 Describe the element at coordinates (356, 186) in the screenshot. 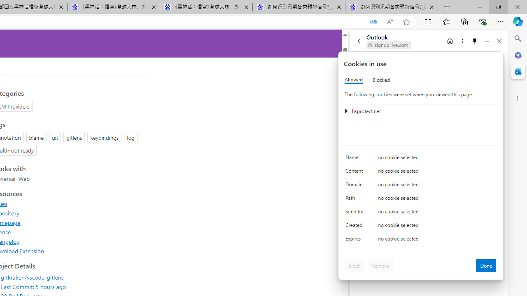

I see `'Domain'` at that location.